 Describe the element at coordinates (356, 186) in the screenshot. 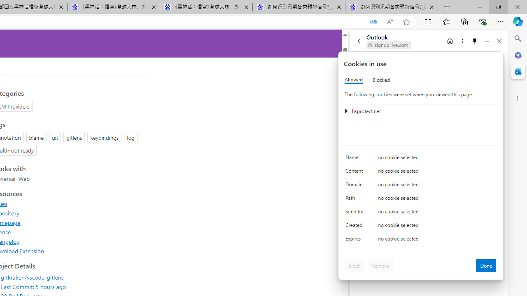

I see `'Domain'` at that location.